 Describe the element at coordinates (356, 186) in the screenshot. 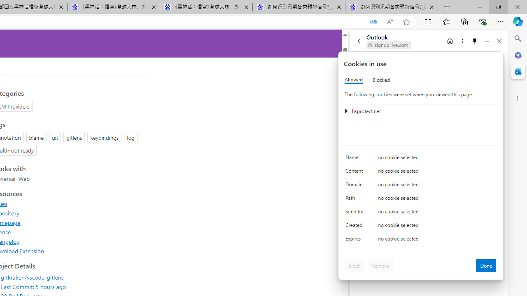

I see `'Domain'` at that location.